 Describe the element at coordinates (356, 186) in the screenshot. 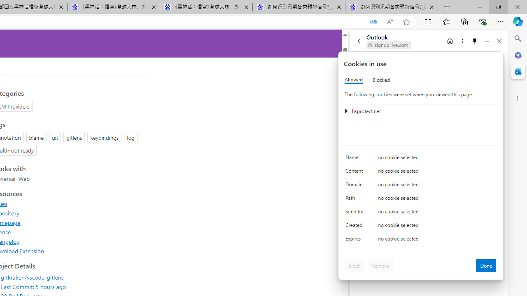

I see `'Domain'` at that location.